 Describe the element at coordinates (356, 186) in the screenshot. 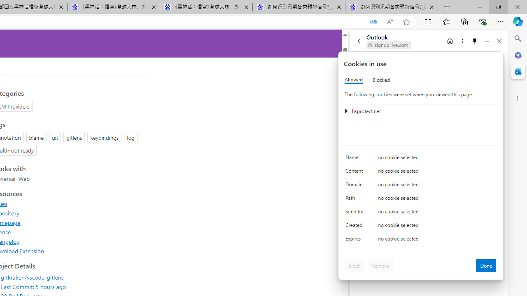

I see `'Domain'` at that location.